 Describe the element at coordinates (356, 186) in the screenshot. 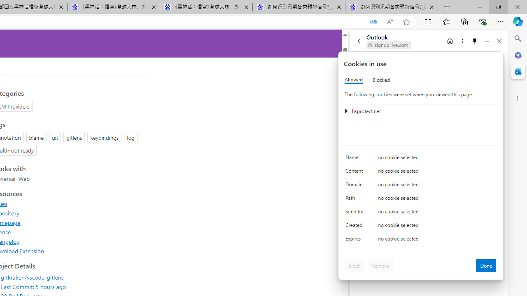

I see `'Domain'` at that location.